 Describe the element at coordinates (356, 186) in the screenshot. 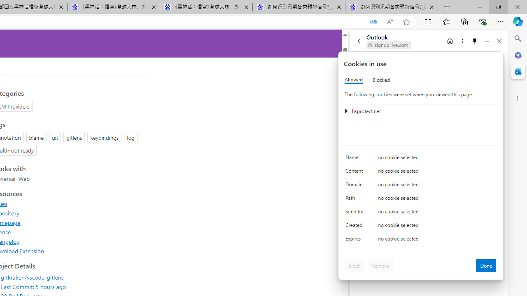

I see `'Domain'` at that location.